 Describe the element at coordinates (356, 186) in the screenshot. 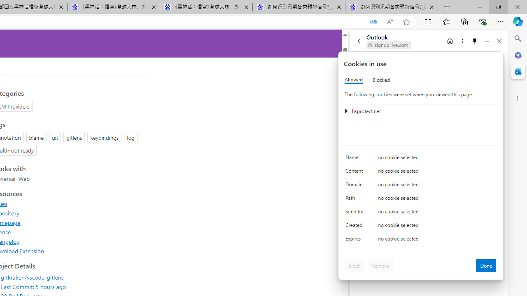

I see `'Domain'` at that location.